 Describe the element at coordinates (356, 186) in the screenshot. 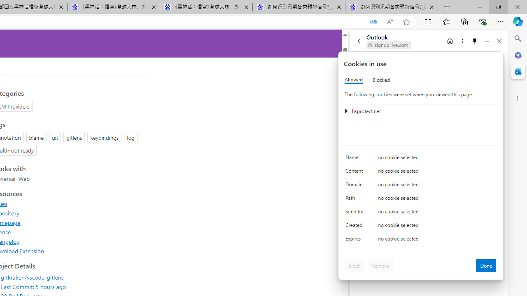

I see `'Domain'` at that location.